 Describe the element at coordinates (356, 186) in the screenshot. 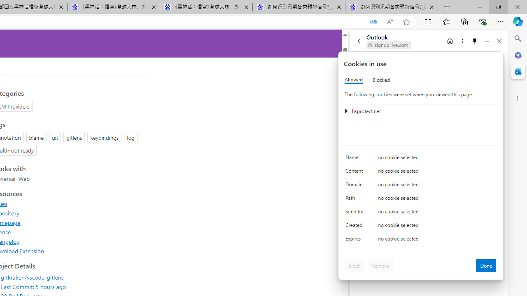

I see `'Domain'` at that location.